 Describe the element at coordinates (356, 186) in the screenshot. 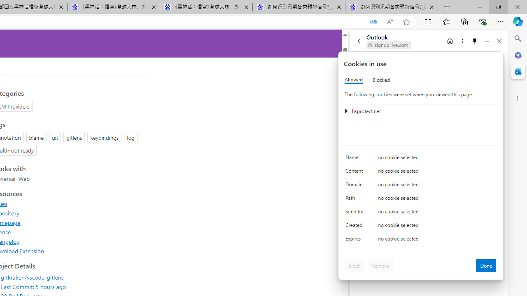

I see `'Domain'` at that location.